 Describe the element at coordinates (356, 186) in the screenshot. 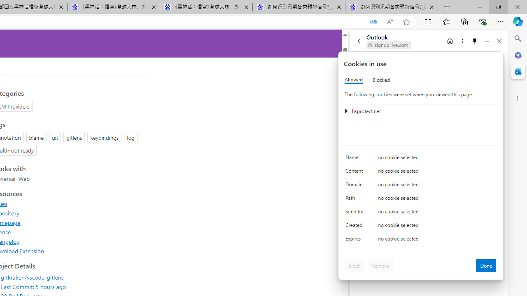

I see `'Domain'` at that location.